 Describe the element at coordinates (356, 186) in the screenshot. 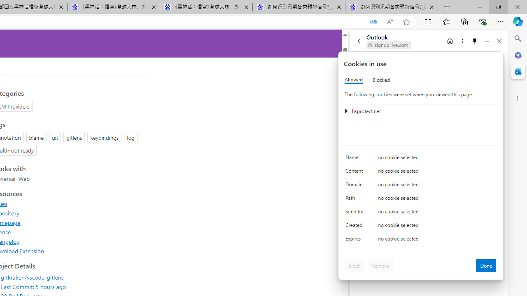

I see `'Domain'` at that location.